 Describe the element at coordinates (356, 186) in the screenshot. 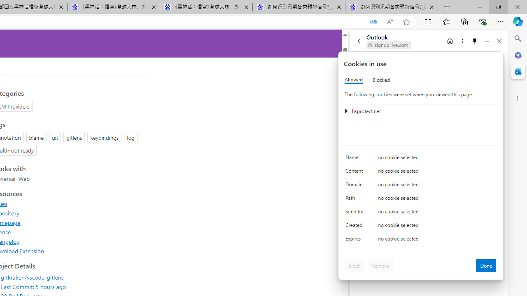

I see `'Domain'` at that location.